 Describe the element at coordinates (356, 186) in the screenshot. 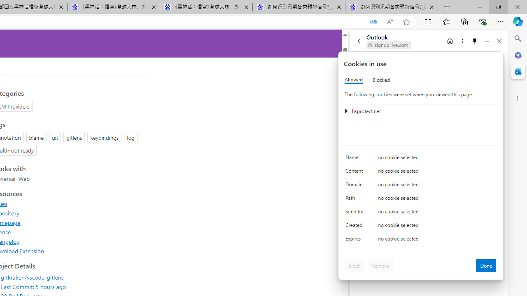

I see `'Domain'` at that location.